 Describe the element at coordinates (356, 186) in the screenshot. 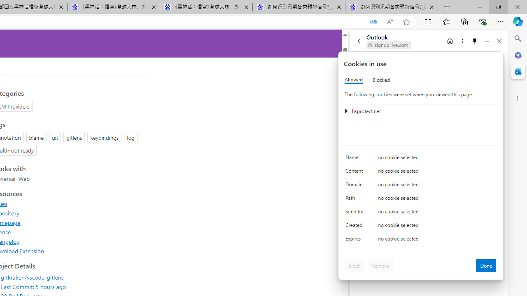

I see `'Domain'` at that location.